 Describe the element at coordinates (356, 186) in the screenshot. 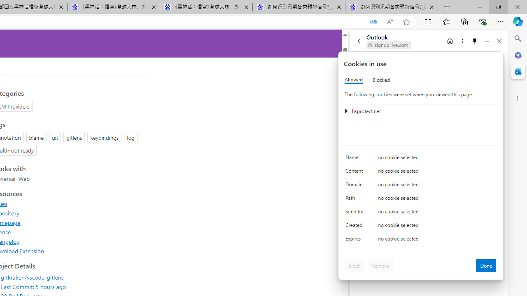

I see `'Domain'` at that location.